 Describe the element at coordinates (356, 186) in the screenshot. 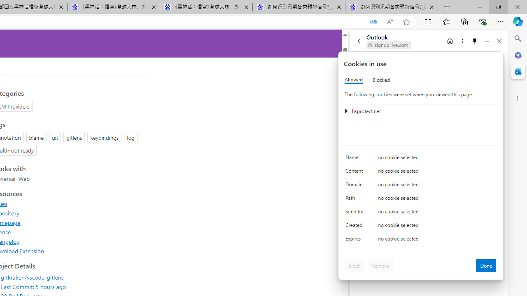

I see `'Domain'` at that location.